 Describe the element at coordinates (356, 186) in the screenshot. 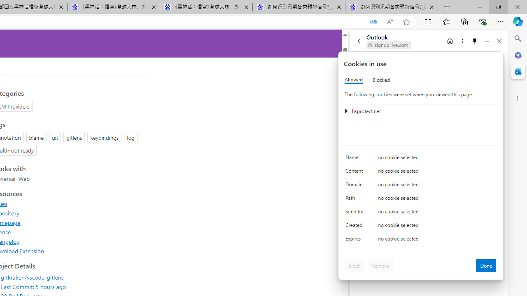

I see `'Domain'` at that location.